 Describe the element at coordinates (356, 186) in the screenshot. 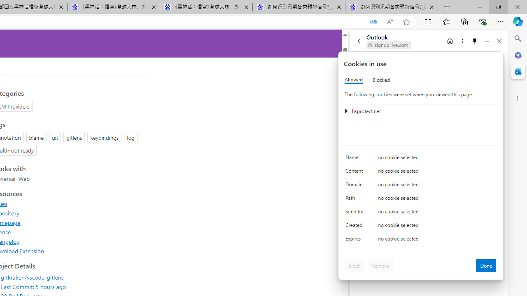

I see `'Domain'` at that location.